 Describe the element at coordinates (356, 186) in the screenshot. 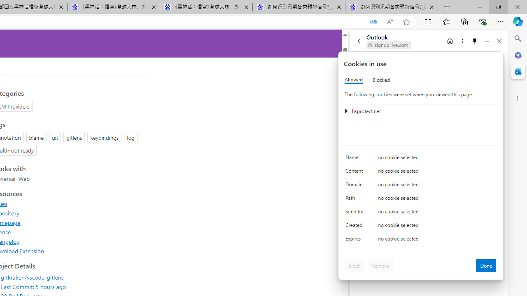

I see `'Domain'` at that location.